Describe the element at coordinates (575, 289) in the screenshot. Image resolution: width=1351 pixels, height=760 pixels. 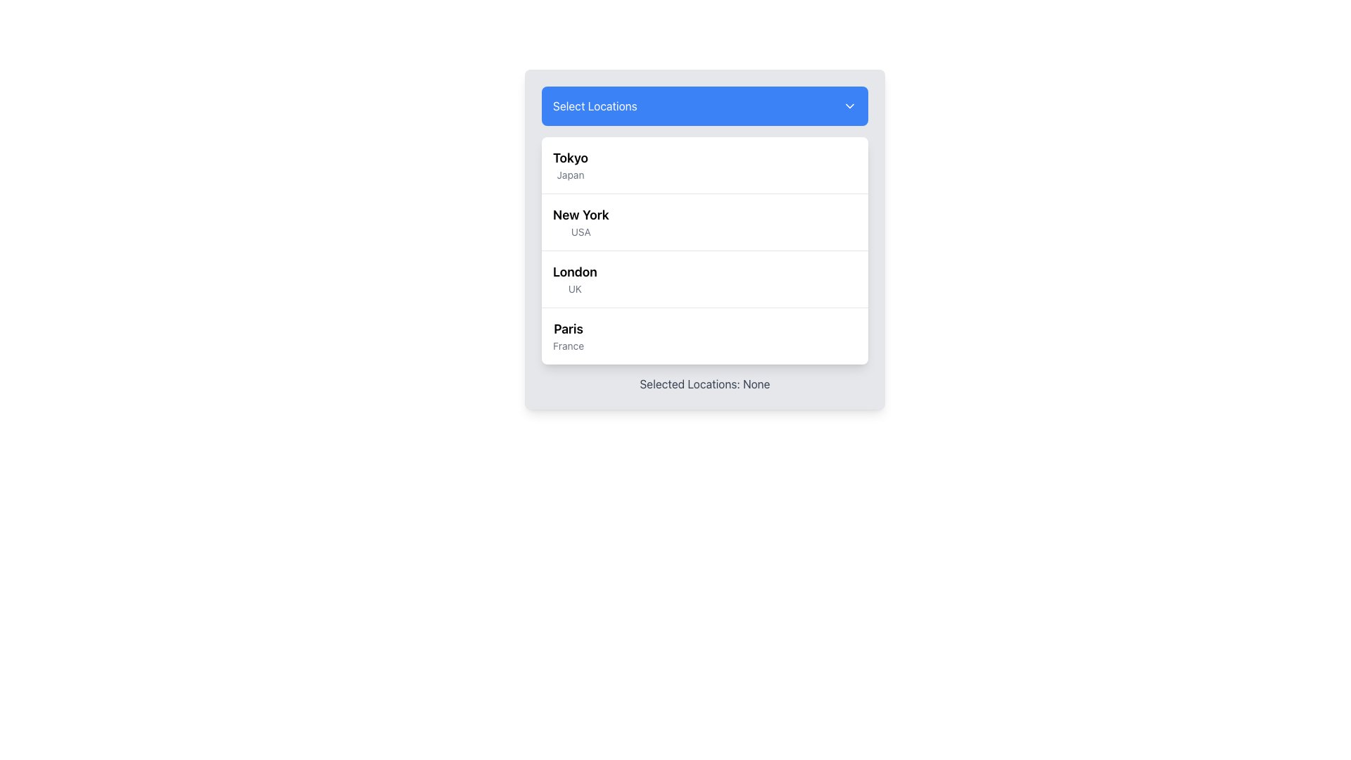
I see `the static text label displaying 'UK', which is styled in gray and positioned below the larger title text 'London'` at that location.